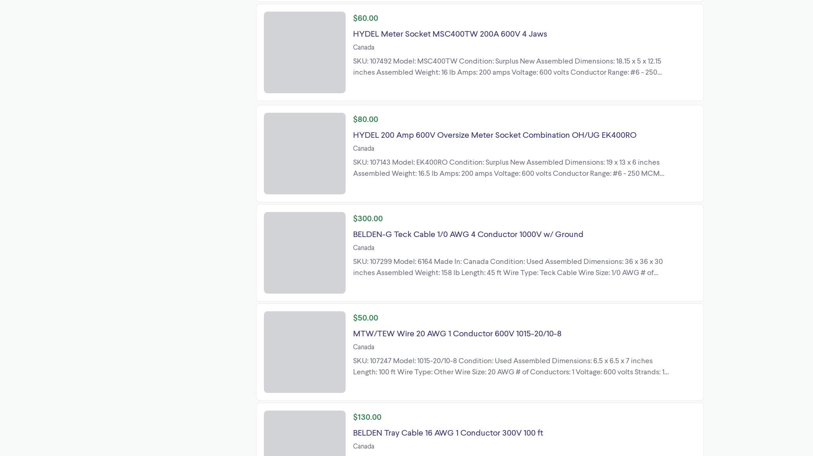 The image size is (813, 456). I want to click on 'SKU: 107143 Model: EK400RO Condition: Surplus New Assembled Dimensions: 19 x 13 x 6 inches Assembled Weight: 16.5 lb Amps: 200 amps Voltage: 600 volts Conductor Range: #6 - 250 MCM Enclosure: NEMA 3R No. of Jaws: 4 Lenmark Industries Ltd 27576 51a Ave Langley, British Columbia Canada V4W4A9 Tel: 604.449.1880', so click(510, 177).